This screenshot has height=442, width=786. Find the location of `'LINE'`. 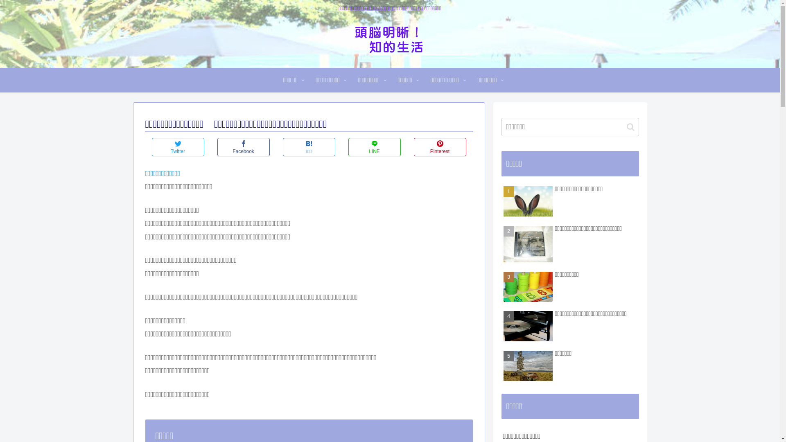

'LINE' is located at coordinates (373, 147).